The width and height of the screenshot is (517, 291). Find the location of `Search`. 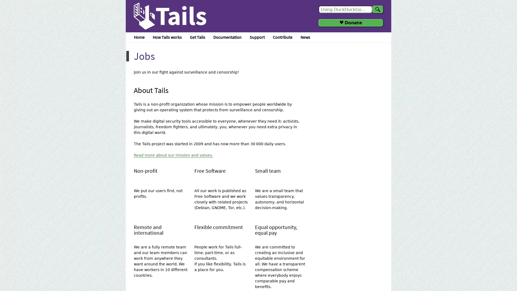

Search is located at coordinates (377, 9).